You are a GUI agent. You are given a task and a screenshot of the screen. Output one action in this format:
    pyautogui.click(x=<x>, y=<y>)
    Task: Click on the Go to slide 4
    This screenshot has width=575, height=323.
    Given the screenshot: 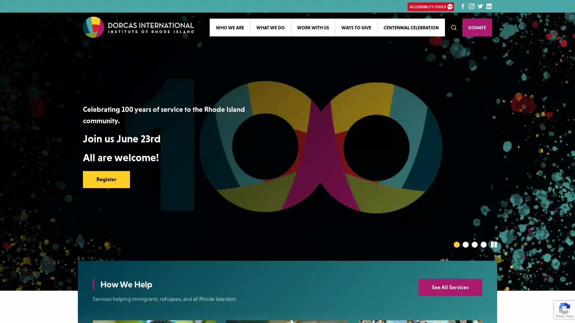 What is the action you would take?
    pyautogui.click(x=483, y=244)
    